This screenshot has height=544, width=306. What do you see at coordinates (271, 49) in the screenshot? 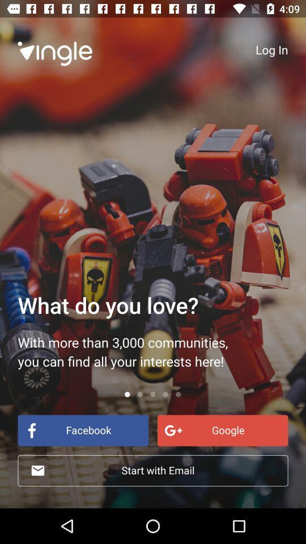
I see `the item above the google` at bounding box center [271, 49].